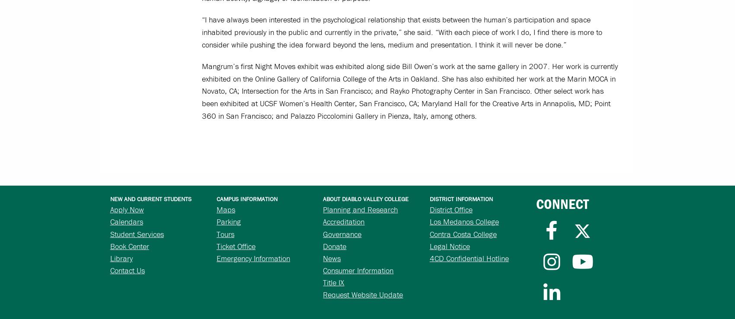 This screenshot has width=735, height=319. What do you see at coordinates (342, 233) in the screenshot?
I see `'Governance'` at bounding box center [342, 233].